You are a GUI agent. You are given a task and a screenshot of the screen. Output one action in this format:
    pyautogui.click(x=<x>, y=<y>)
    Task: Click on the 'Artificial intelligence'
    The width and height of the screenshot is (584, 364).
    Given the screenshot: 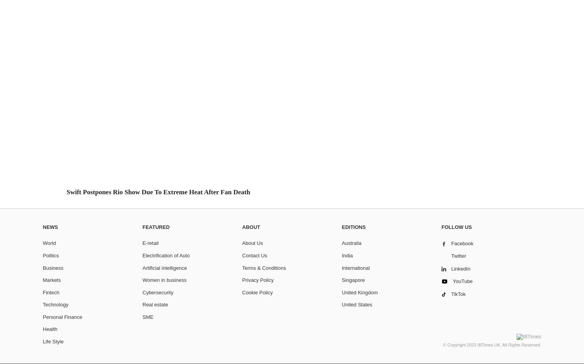 What is the action you would take?
    pyautogui.click(x=142, y=267)
    